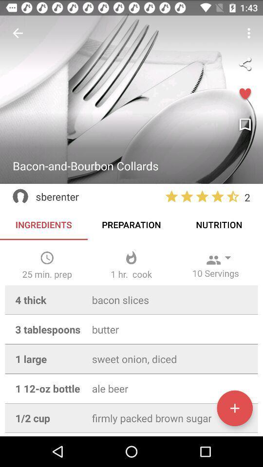 Image resolution: width=263 pixels, height=467 pixels. I want to click on click the save option, so click(244, 125).